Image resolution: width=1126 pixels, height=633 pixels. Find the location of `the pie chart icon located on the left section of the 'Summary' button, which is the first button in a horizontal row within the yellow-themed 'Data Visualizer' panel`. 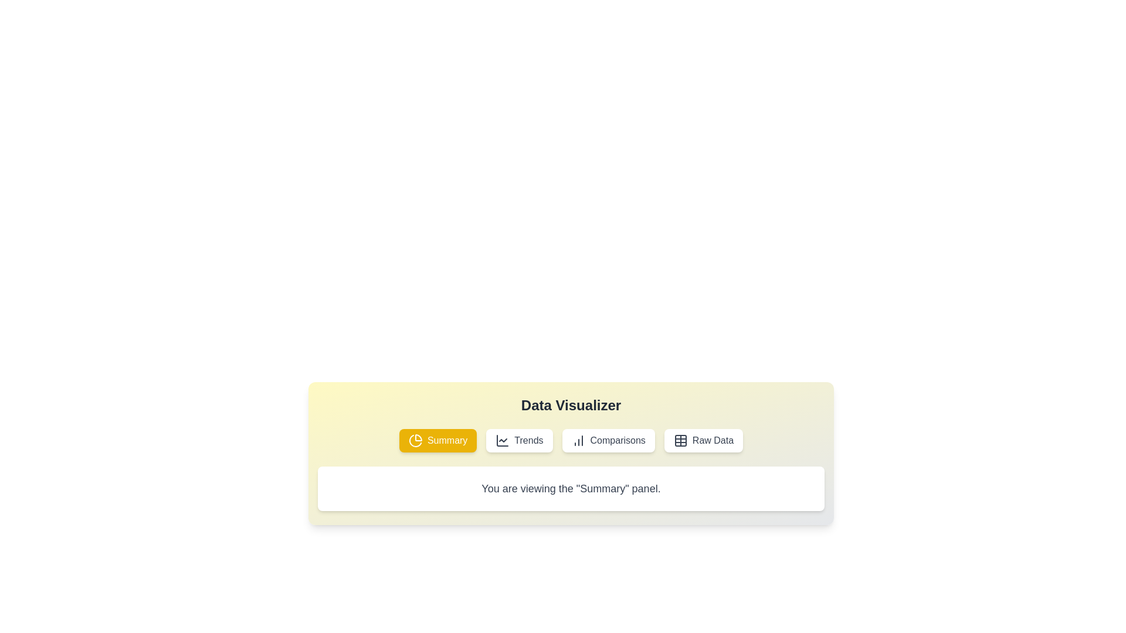

the pie chart icon located on the left section of the 'Summary' button, which is the first button in a horizontal row within the yellow-themed 'Data Visualizer' panel is located at coordinates (415, 441).